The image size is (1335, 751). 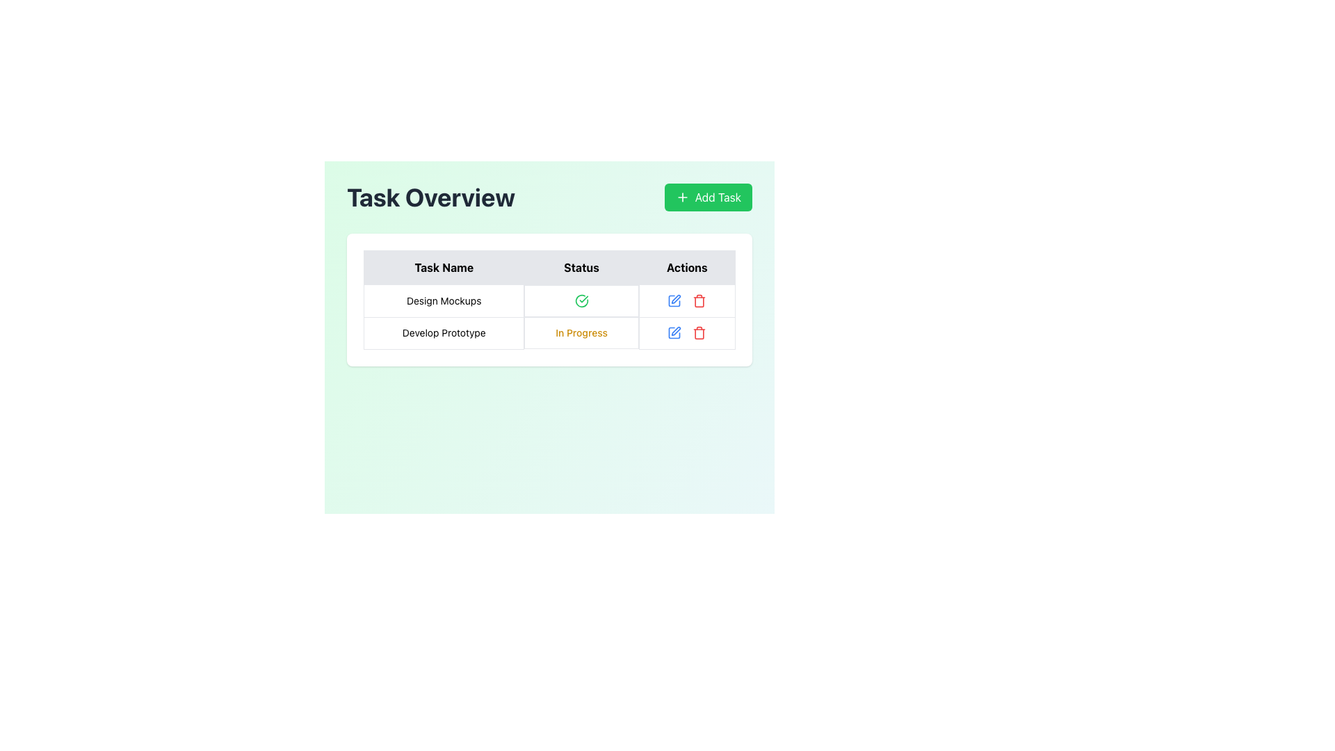 I want to click on the status icon in the 'Task Overview' table for the 'Design Mockups' task to check its completion status, so click(x=581, y=300).